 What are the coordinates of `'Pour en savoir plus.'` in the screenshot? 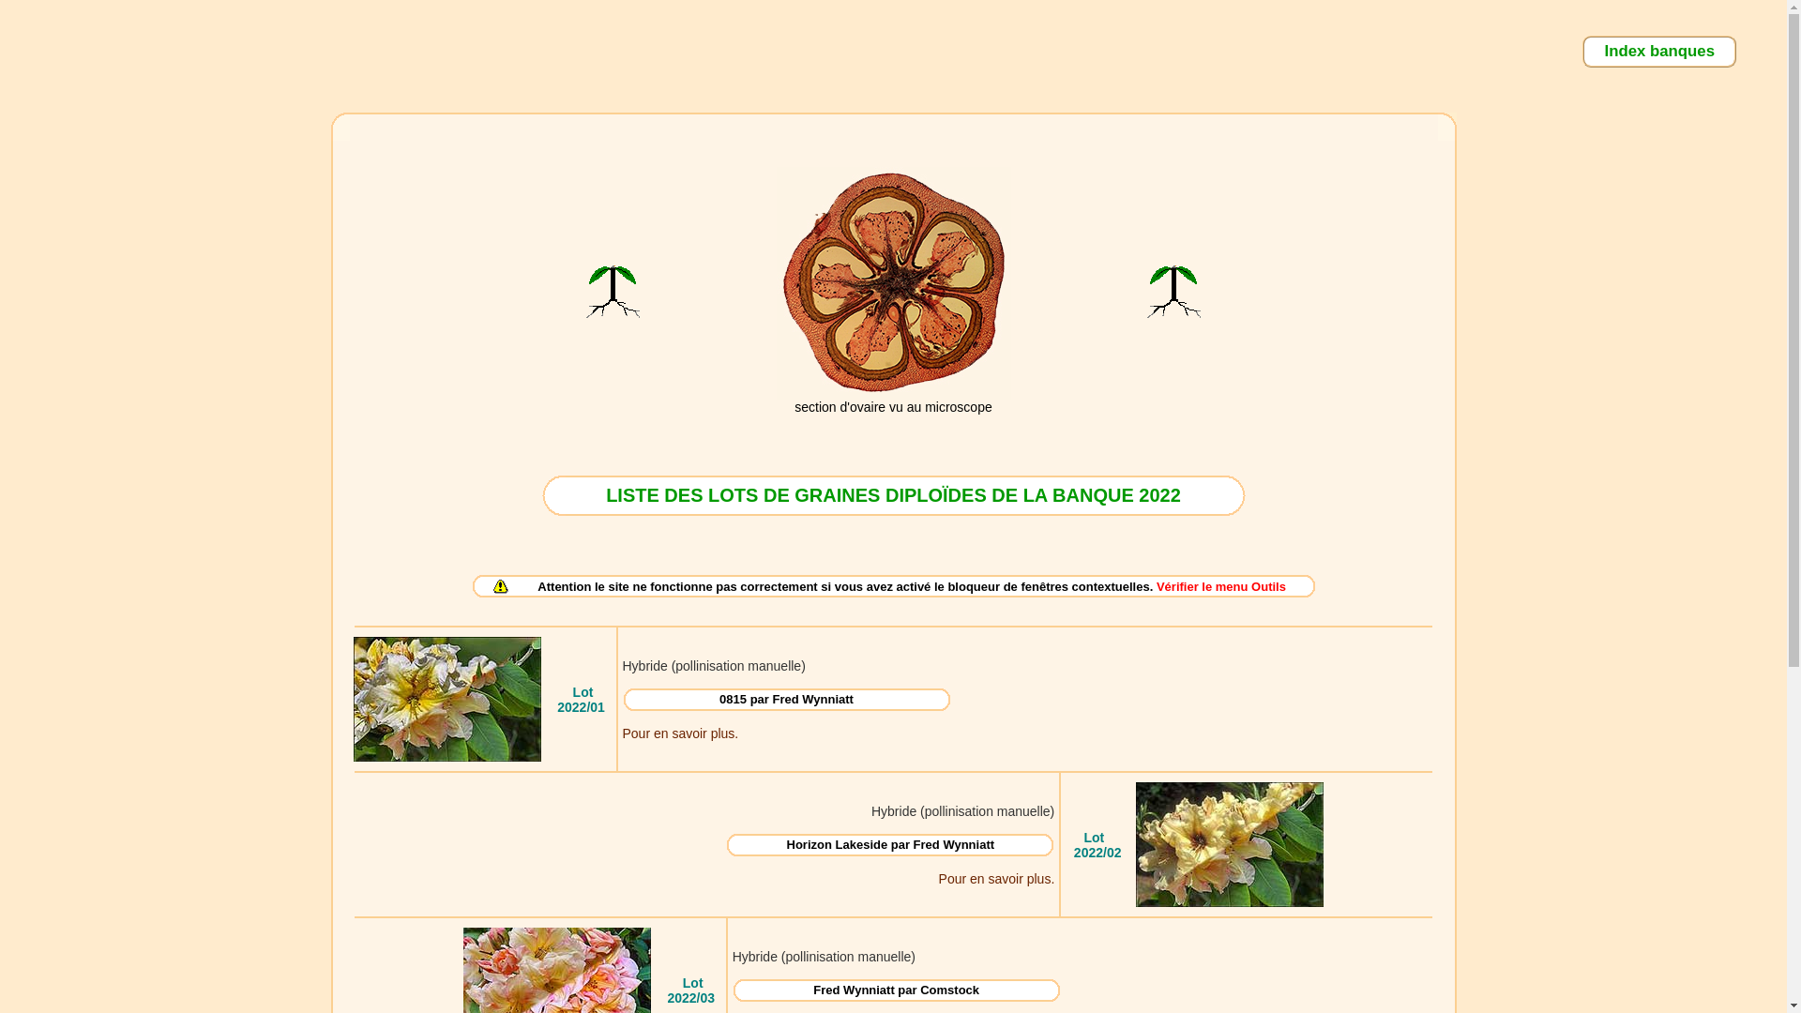 It's located at (995, 878).